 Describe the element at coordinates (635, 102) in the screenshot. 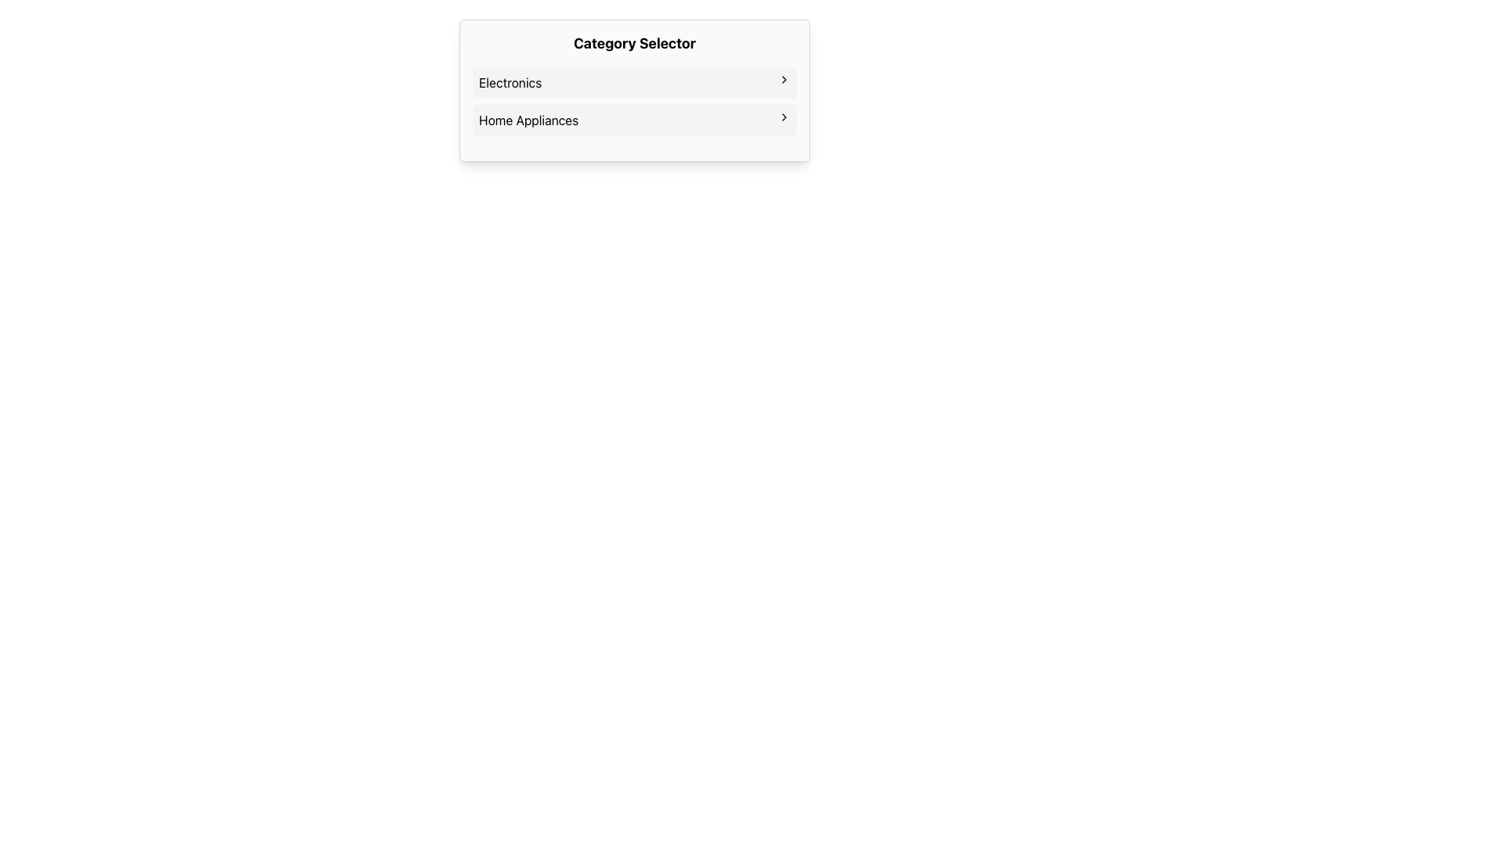

I see `the 'Home Appliances' list item within the category selector` at that location.